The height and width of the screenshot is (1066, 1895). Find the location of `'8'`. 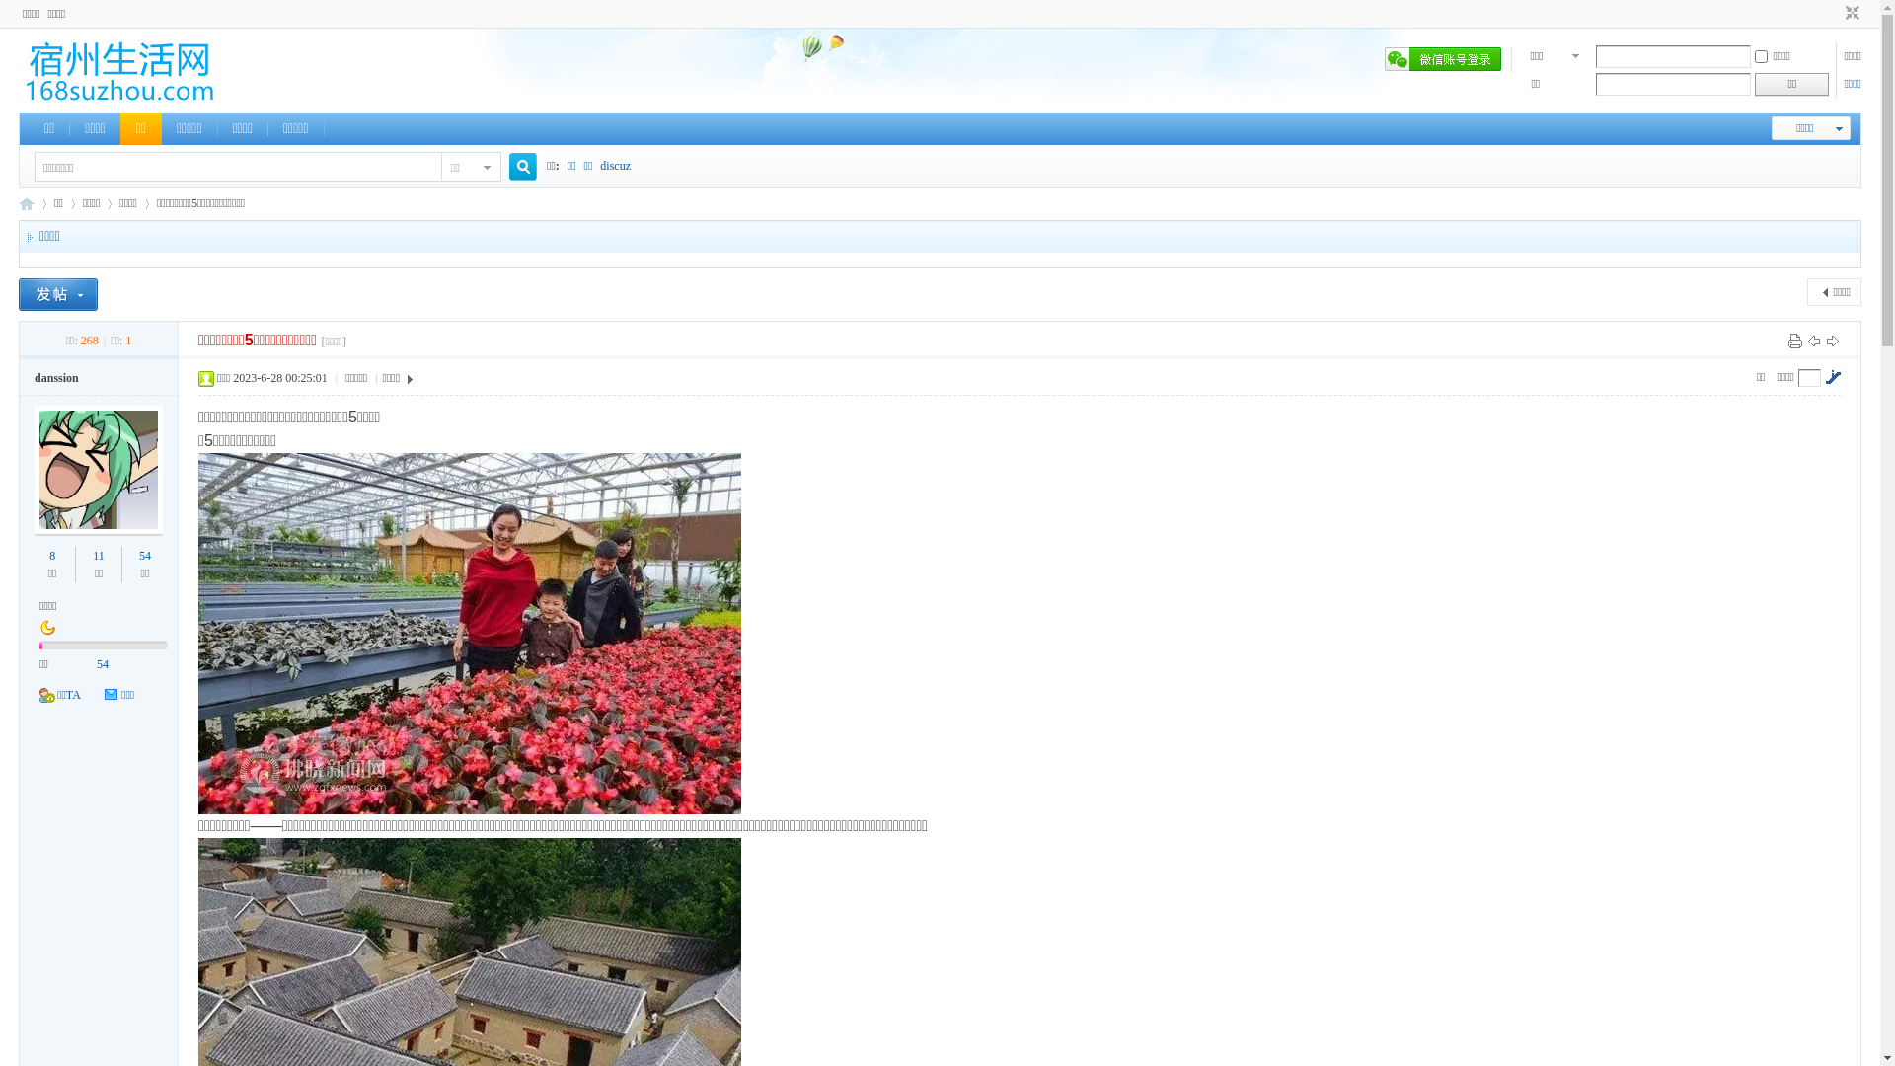

'8' is located at coordinates (51, 556).